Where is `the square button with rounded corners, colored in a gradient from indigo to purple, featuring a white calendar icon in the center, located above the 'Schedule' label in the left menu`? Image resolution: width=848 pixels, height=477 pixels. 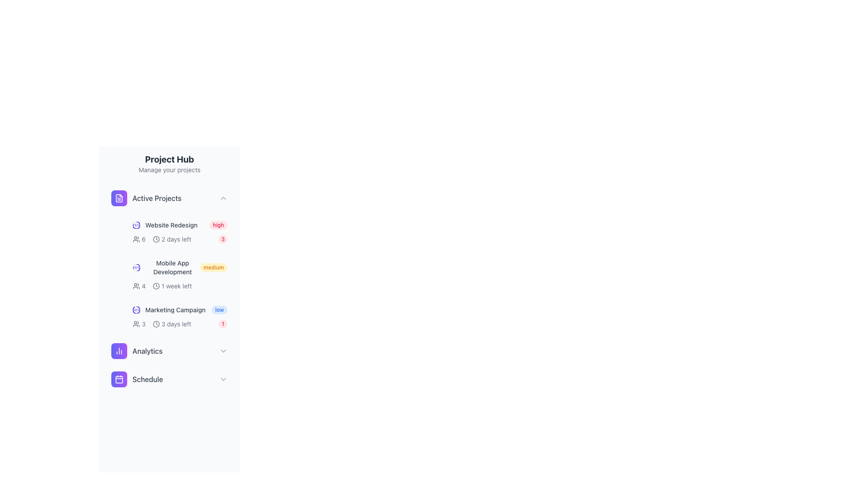
the square button with rounded corners, colored in a gradient from indigo to purple, featuring a white calendar icon in the center, located above the 'Schedule' label in the left menu is located at coordinates (118, 379).